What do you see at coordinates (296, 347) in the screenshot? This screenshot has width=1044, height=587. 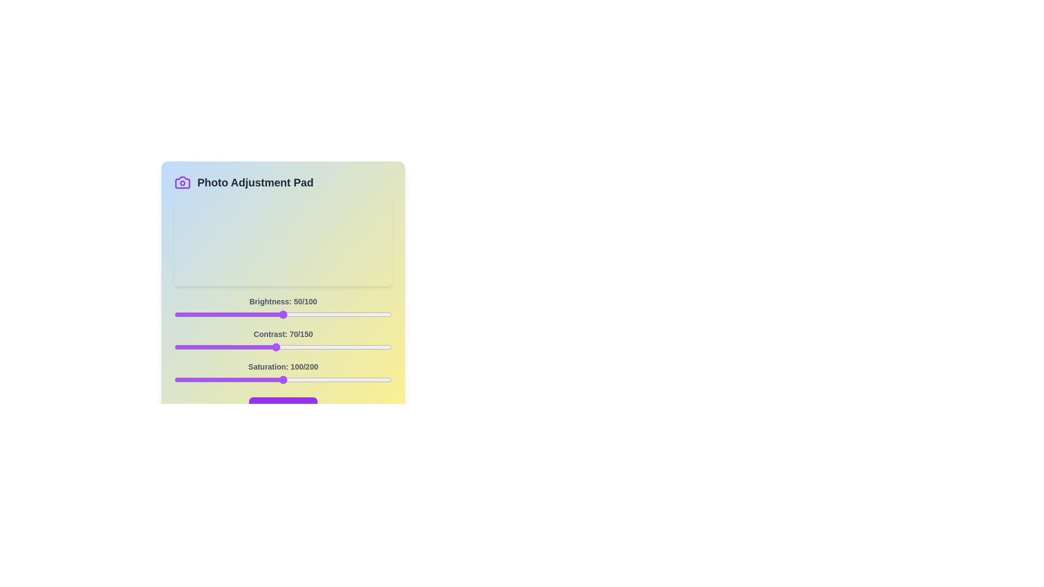 I see `the 1 slider to 84` at bounding box center [296, 347].